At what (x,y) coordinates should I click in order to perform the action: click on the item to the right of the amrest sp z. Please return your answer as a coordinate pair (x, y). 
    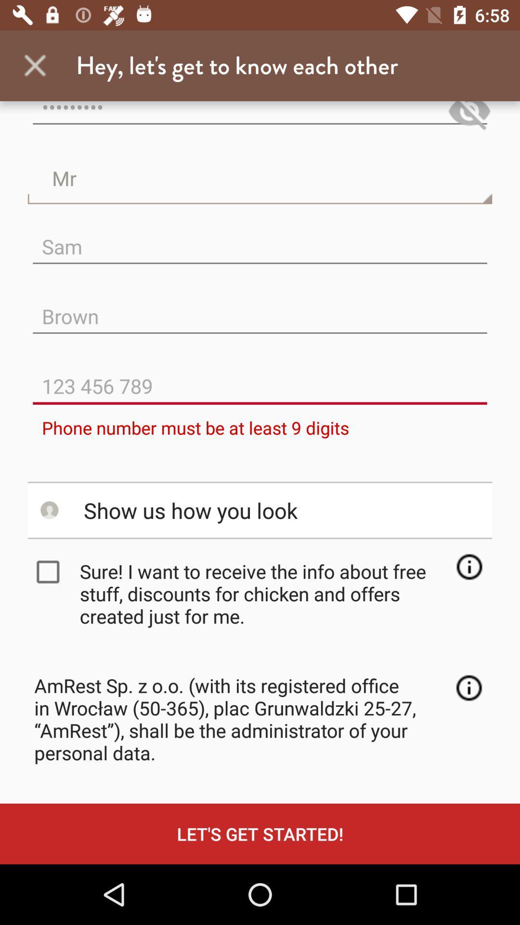
    Looking at the image, I should click on (468, 687).